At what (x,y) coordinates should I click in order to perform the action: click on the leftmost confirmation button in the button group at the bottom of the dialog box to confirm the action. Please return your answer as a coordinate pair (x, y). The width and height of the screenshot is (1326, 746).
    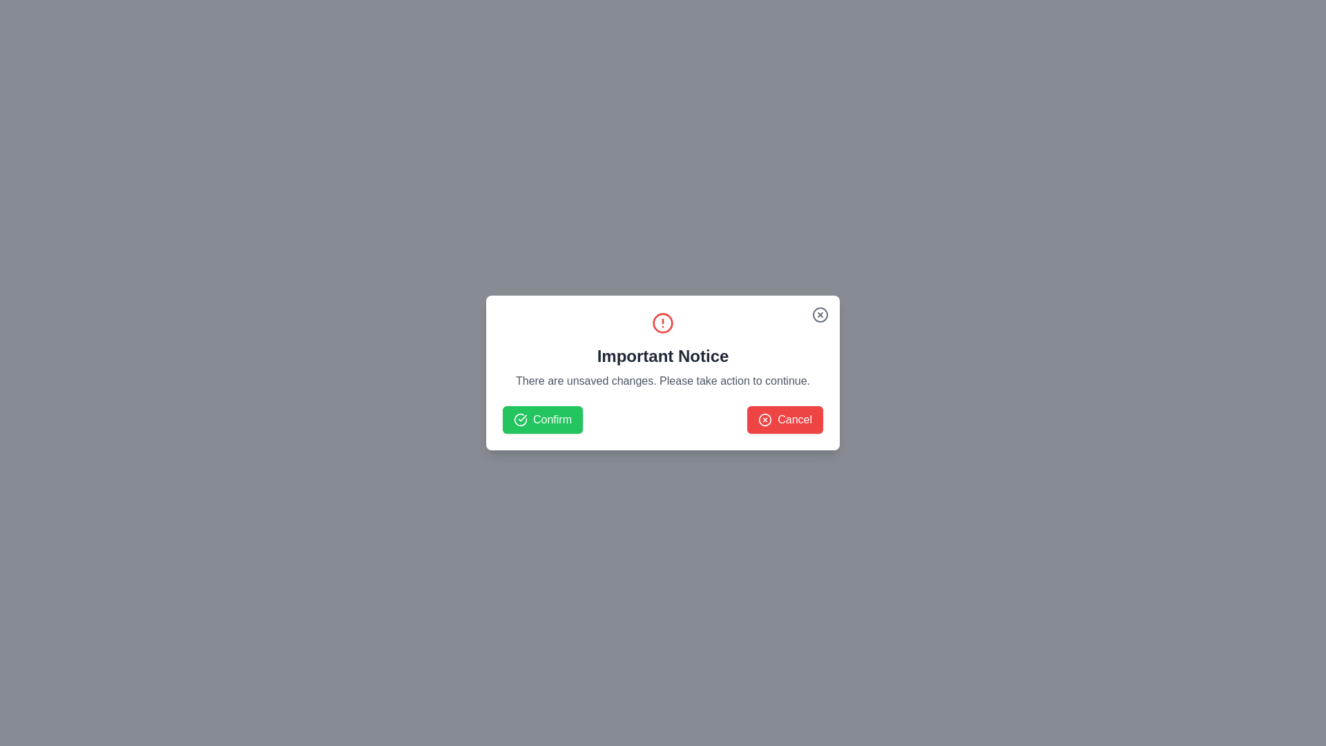
    Looking at the image, I should click on (542, 419).